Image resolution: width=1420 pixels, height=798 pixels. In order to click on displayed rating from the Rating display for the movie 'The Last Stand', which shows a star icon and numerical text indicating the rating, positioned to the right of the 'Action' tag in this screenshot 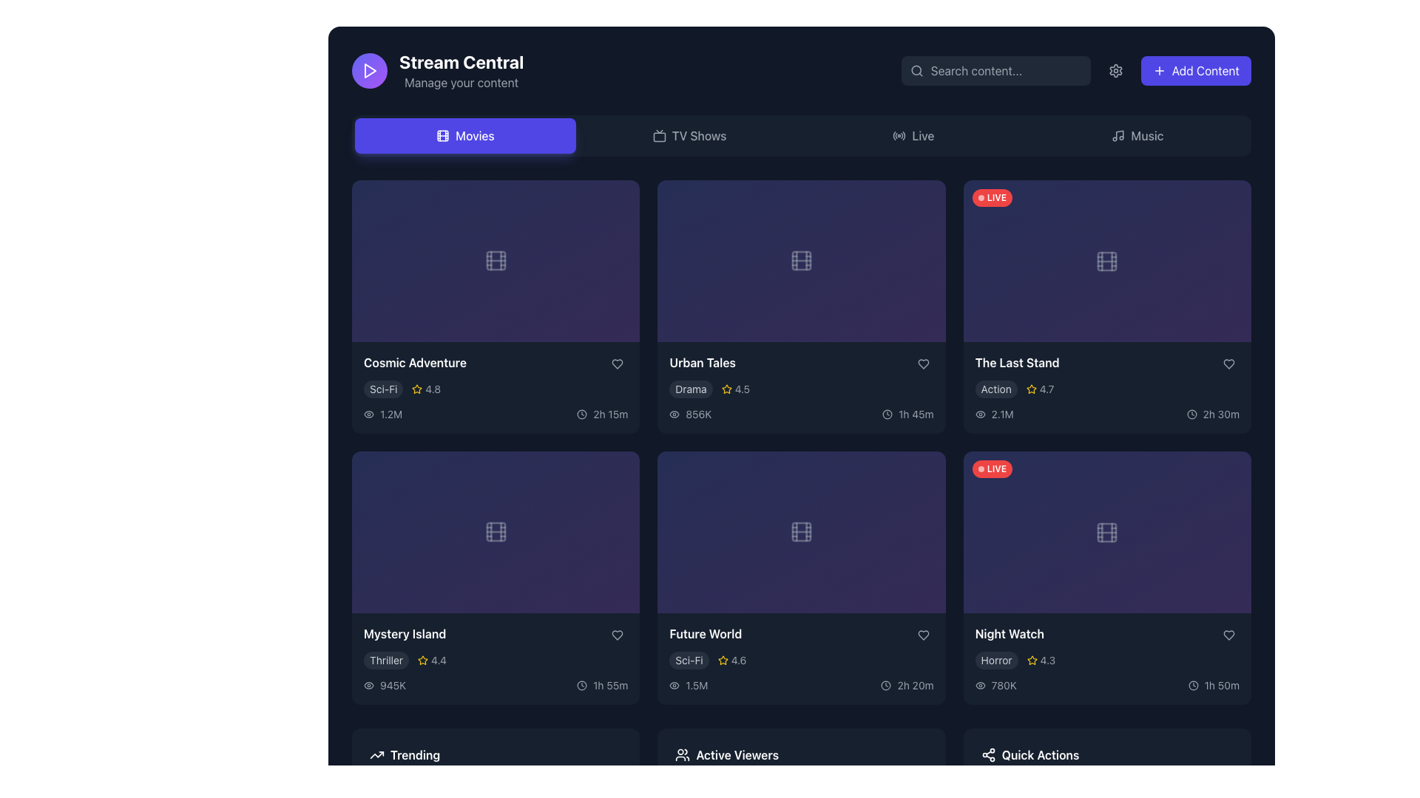, I will do `click(1039, 389)`.